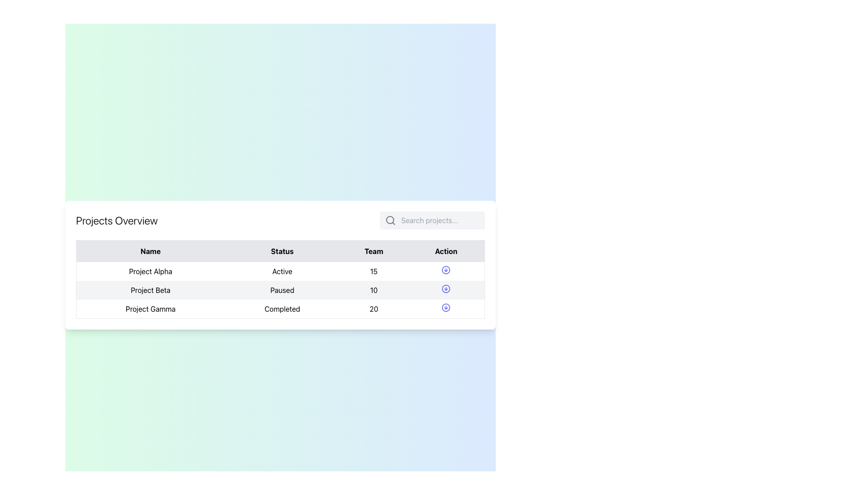  What do you see at coordinates (446, 307) in the screenshot?
I see `the visual indicator icon in the 'Action' column of the last row associated with 'Project Gamma'` at bounding box center [446, 307].